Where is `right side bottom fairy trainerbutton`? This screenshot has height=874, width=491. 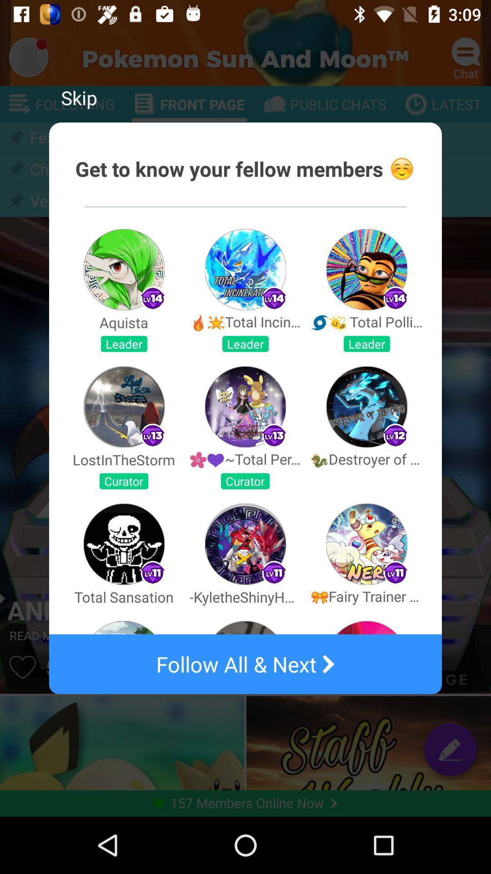 right side bottom fairy trainerbutton is located at coordinates (366, 544).